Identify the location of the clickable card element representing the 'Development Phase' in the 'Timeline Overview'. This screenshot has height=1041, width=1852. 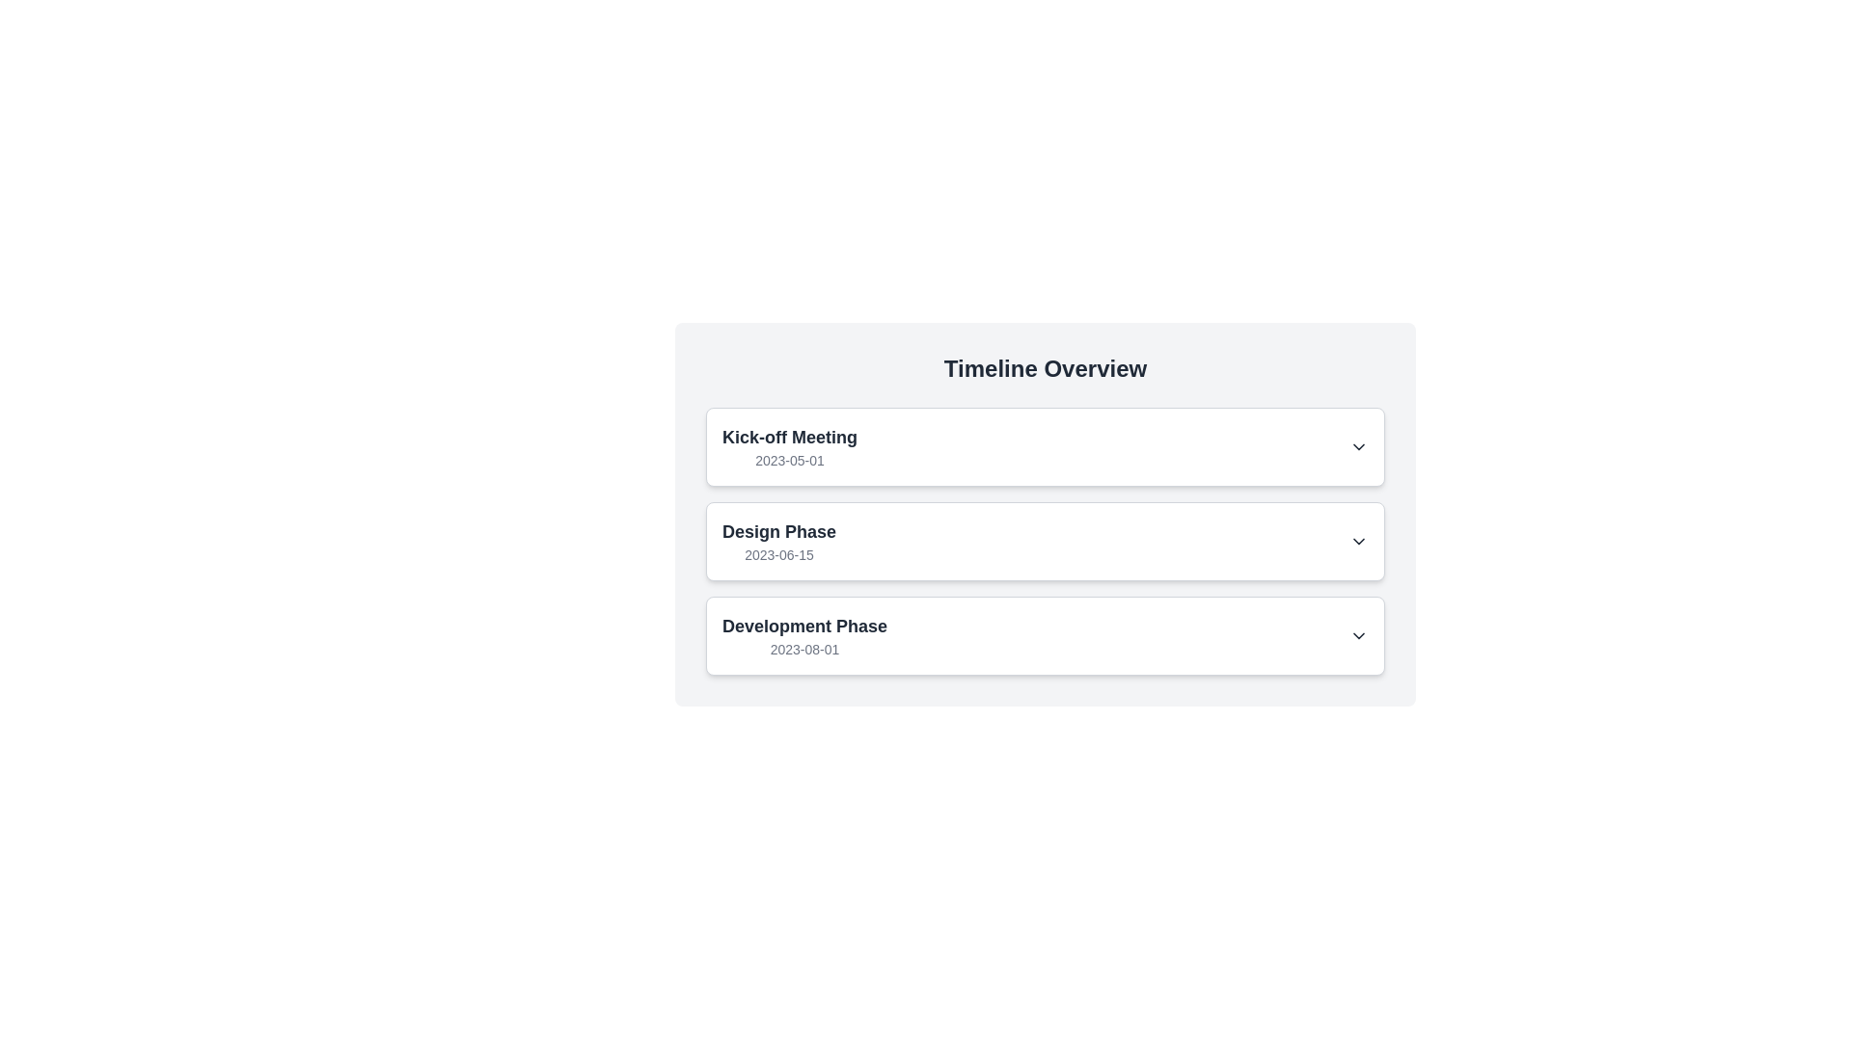
(1045, 635).